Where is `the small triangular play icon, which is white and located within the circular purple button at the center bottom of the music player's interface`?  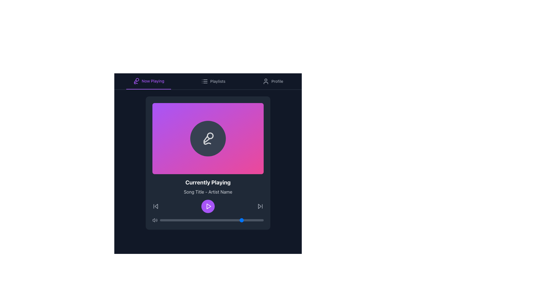
the small triangular play icon, which is white and located within the circular purple button at the center bottom of the music player's interface is located at coordinates (208, 206).